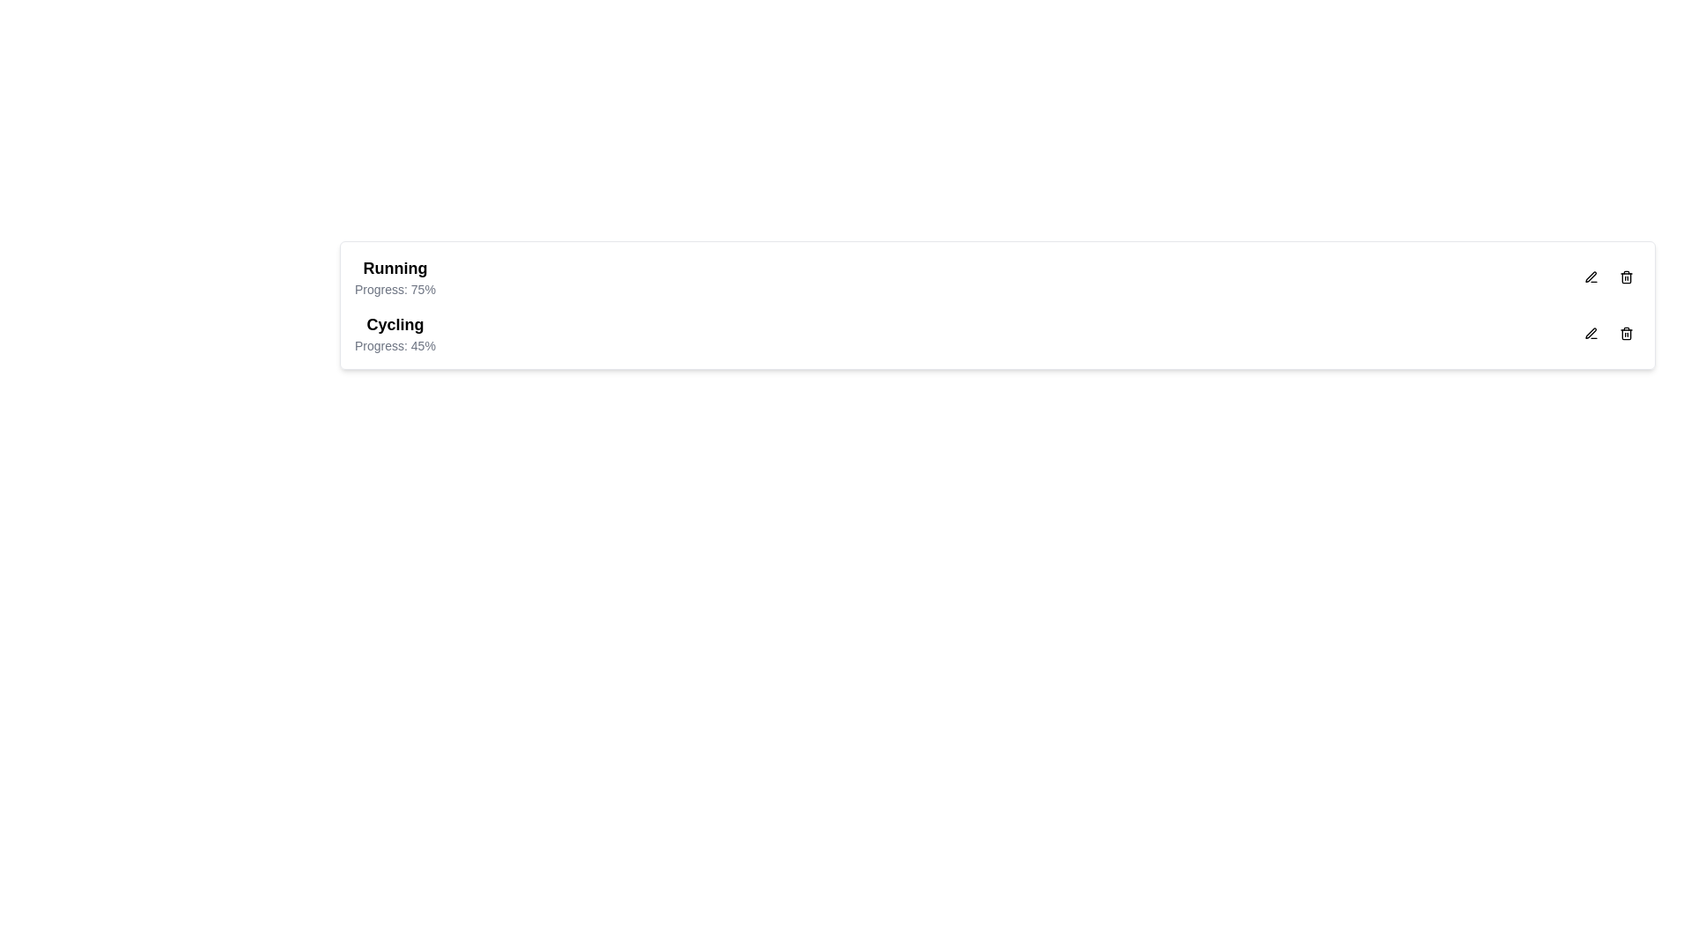 Image resolution: width=1691 pixels, height=951 pixels. I want to click on the second circular button with a trash bin icon to observe its visual feedback when hovered, so click(1626, 277).